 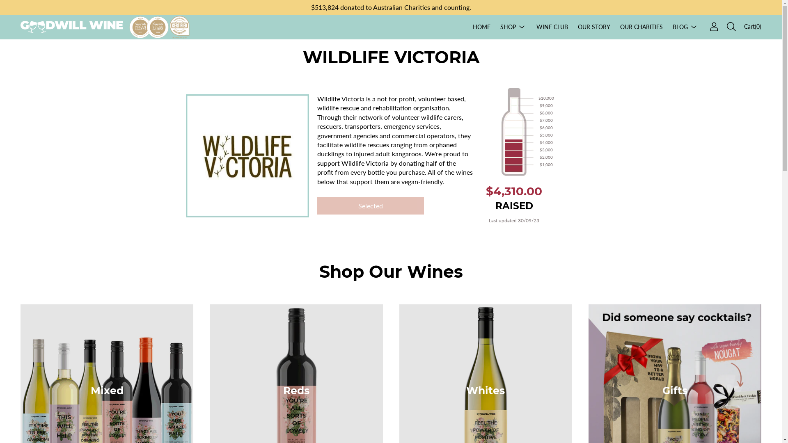 I want to click on 'HOME', so click(x=481, y=26).